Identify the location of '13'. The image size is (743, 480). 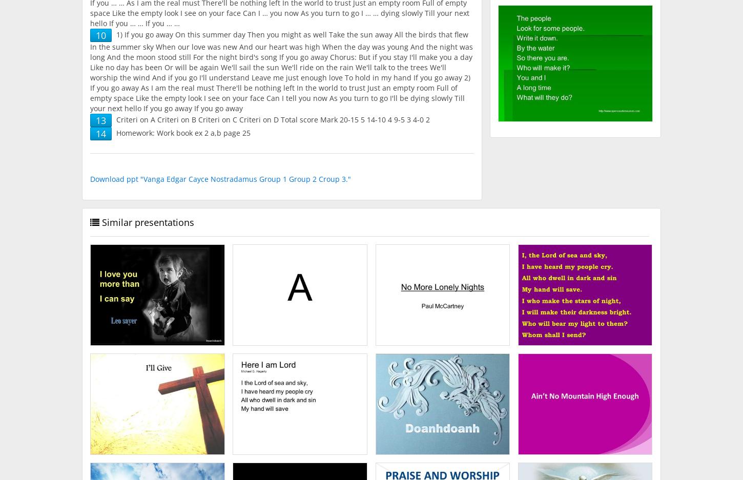
(100, 119).